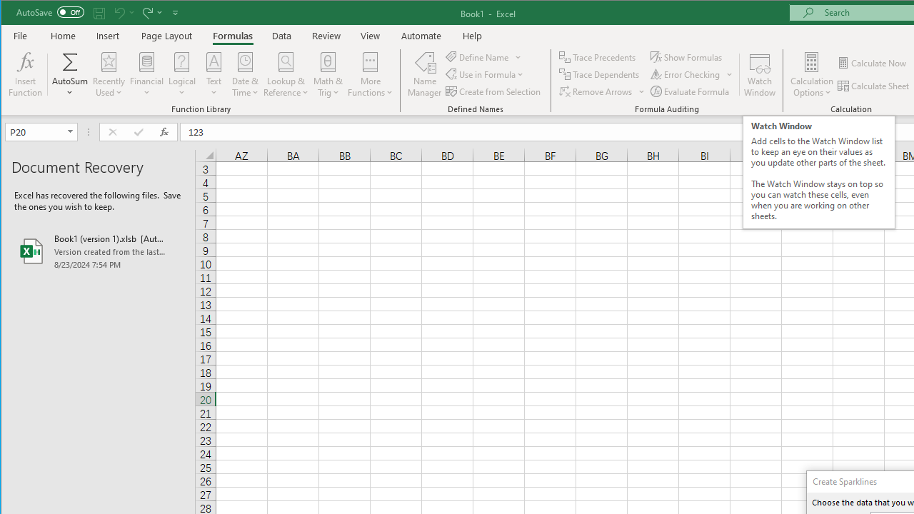 The image size is (914, 514). What do you see at coordinates (286, 74) in the screenshot?
I see `'Lookup & Reference'` at bounding box center [286, 74].